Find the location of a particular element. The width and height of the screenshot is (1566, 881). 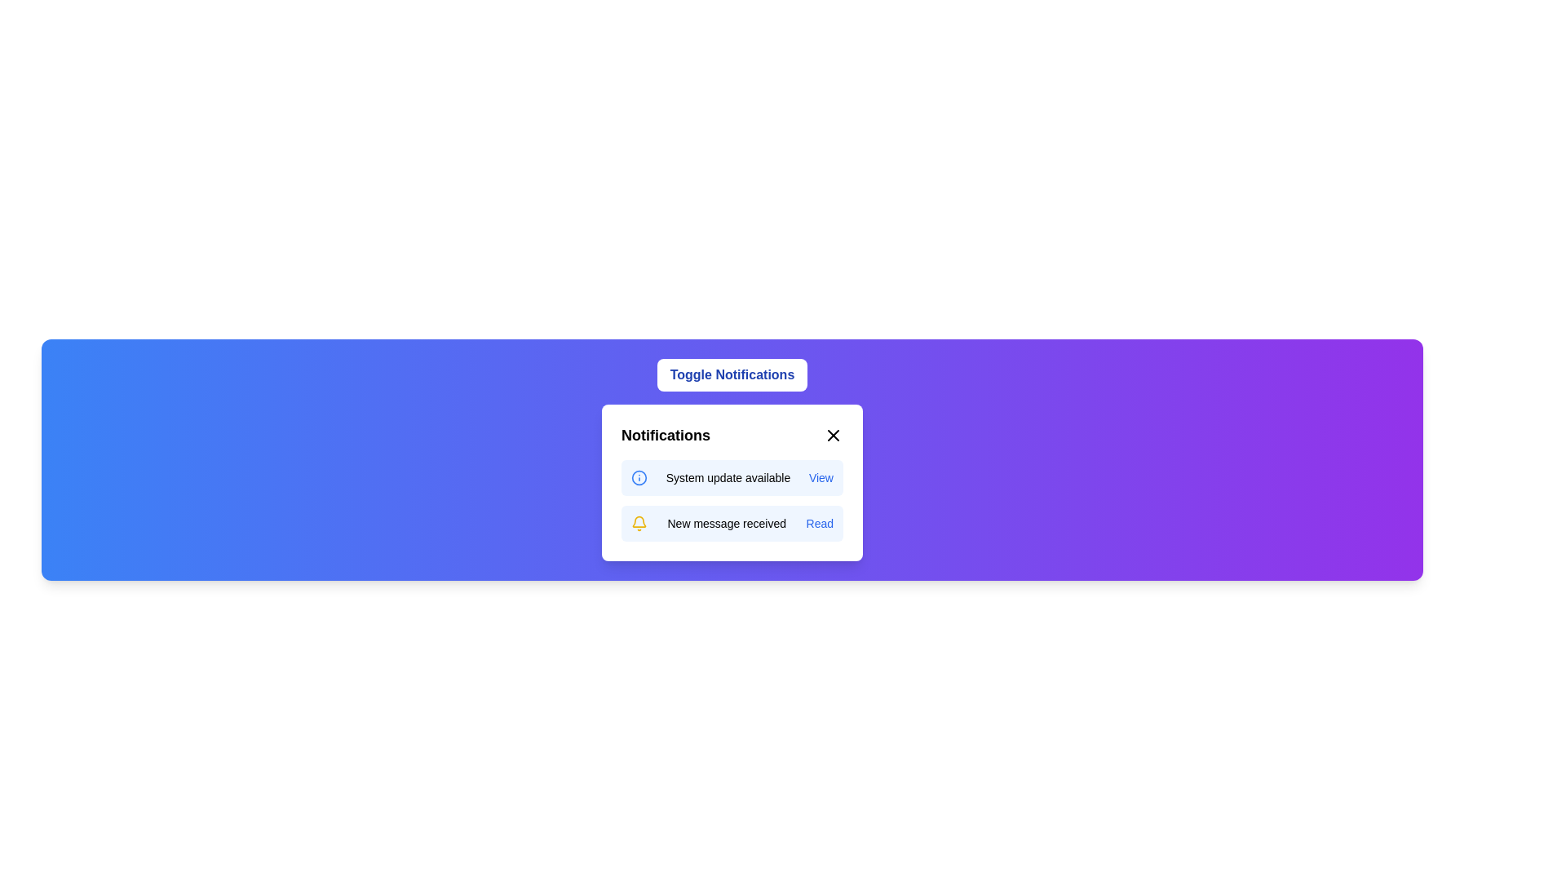

the hyperlink on the right side of the notification about 'System update available' is located at coordinates (821, 477).